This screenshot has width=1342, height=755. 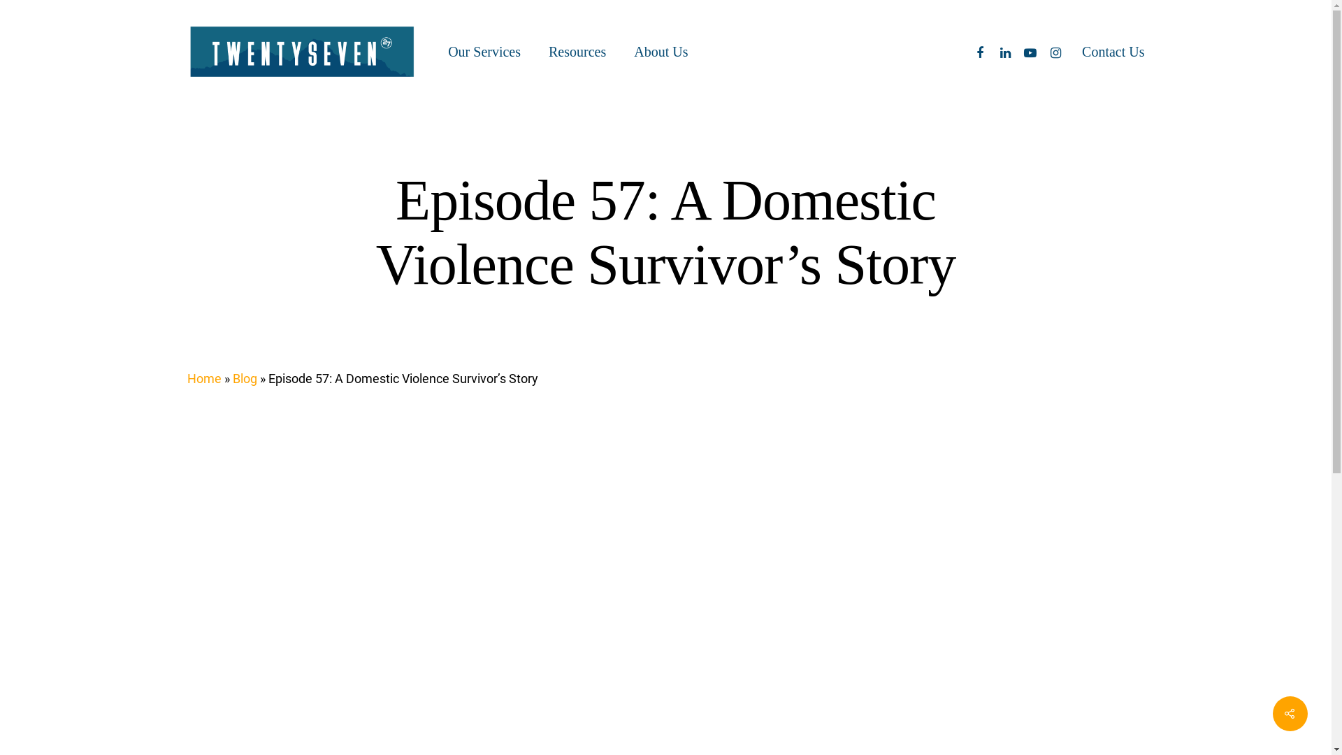 What do you see at coordinates (187, 378) in the screenshot?
I see `'Home'` at bounding box center [187, 378].